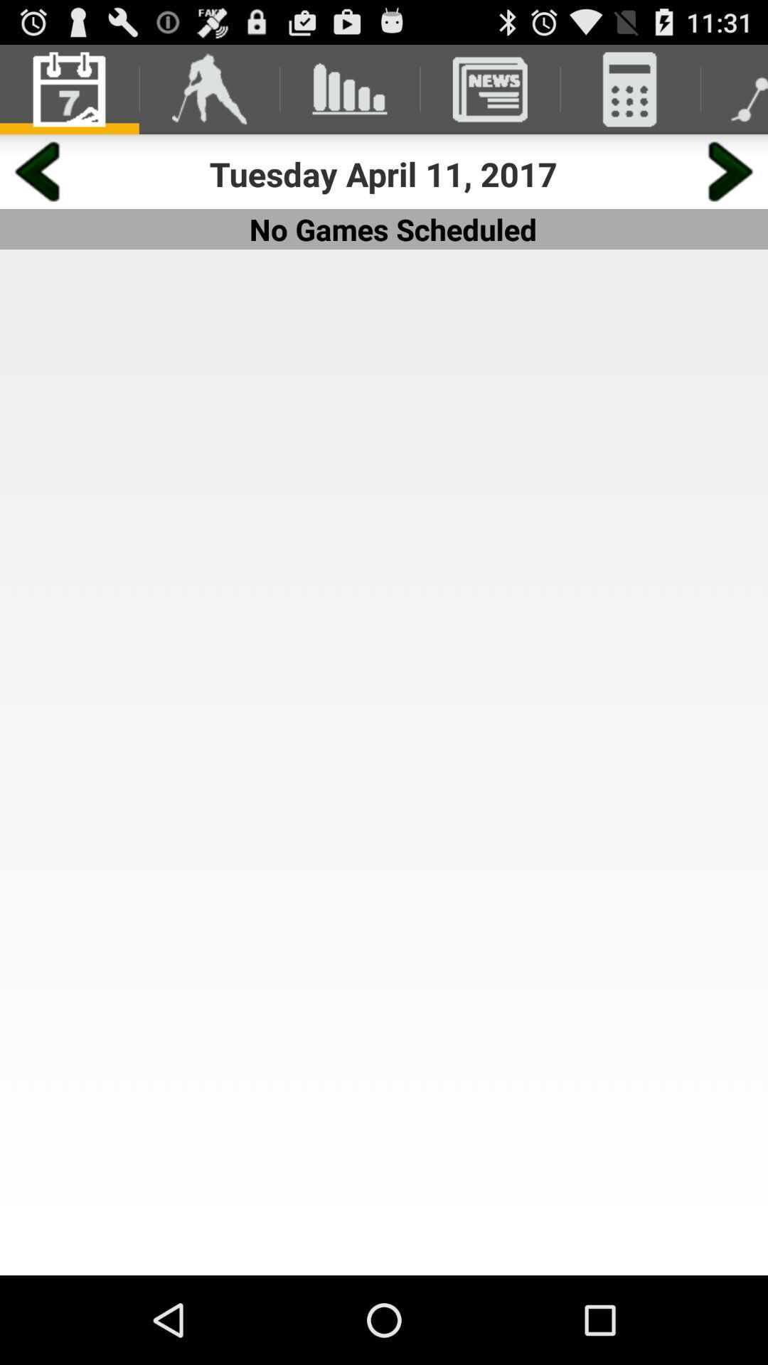 This screenshot has height=1365, width=768. Describe the element at coordinates (36, 171) in the screenshot. I see `scroll date left` at that location.